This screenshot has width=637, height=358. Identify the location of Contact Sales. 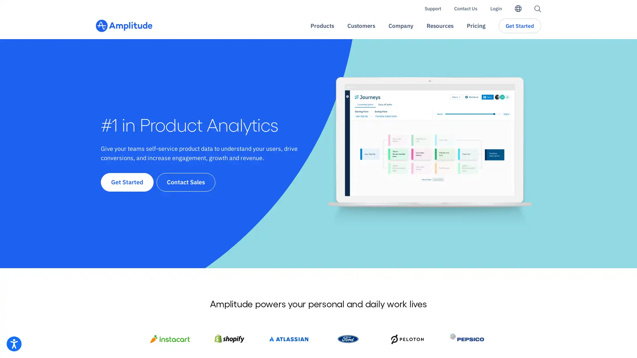
(186, 182).